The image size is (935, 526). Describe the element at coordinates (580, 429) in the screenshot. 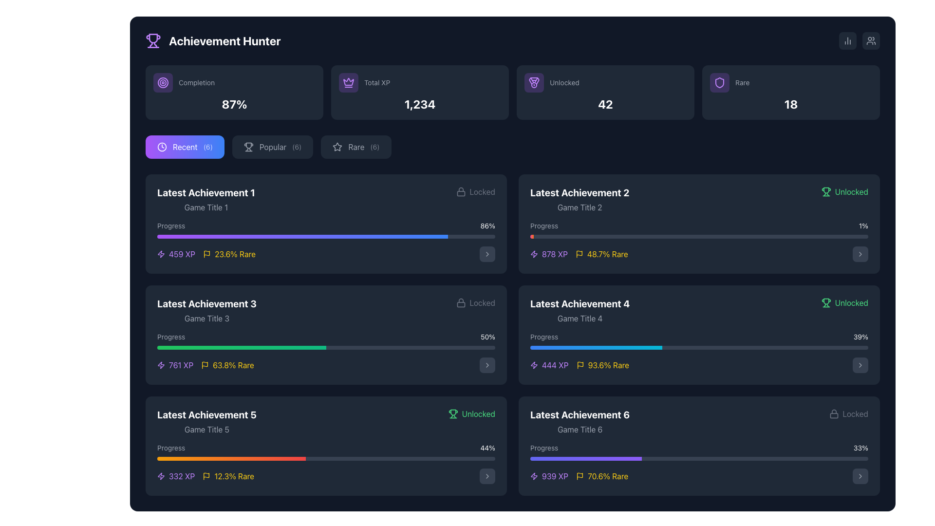

I see `the text label that describes the game title associated with the achievement, located below the bolded title 'Latest Achievement 6' in the interface` at that location.